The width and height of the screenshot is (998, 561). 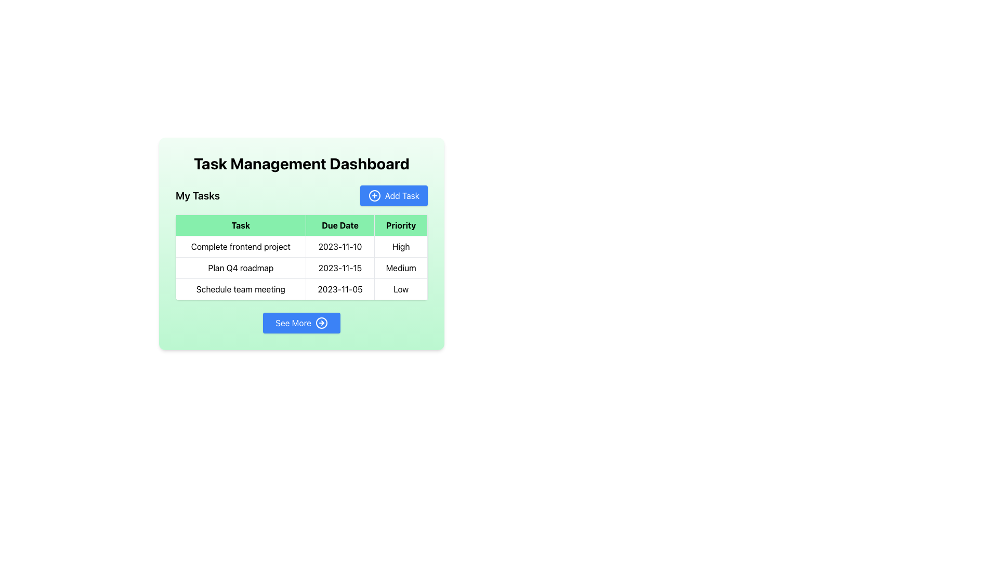 I want to click on text displayed in the label that indicates the priority level of the task in the task management dashboard, located in the third column of the second row under the 'Priority' column, next to the 'Due Date' column, so click(x=400, y=268).